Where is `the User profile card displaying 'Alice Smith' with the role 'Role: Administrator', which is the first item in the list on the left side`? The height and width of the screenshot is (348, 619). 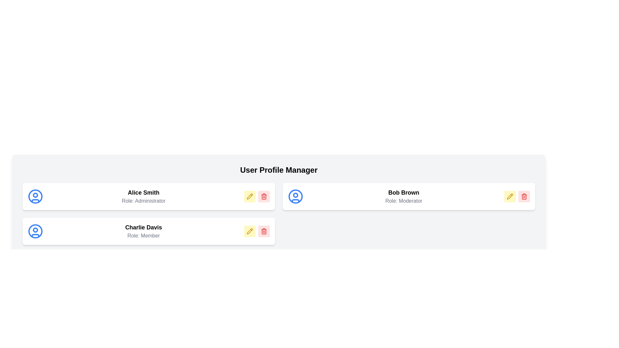 the User profile card displaying 'Alice Smith' with the role 'Role: Administrator', which is the first item in the list on the left side is located at coordinates (148, 196).